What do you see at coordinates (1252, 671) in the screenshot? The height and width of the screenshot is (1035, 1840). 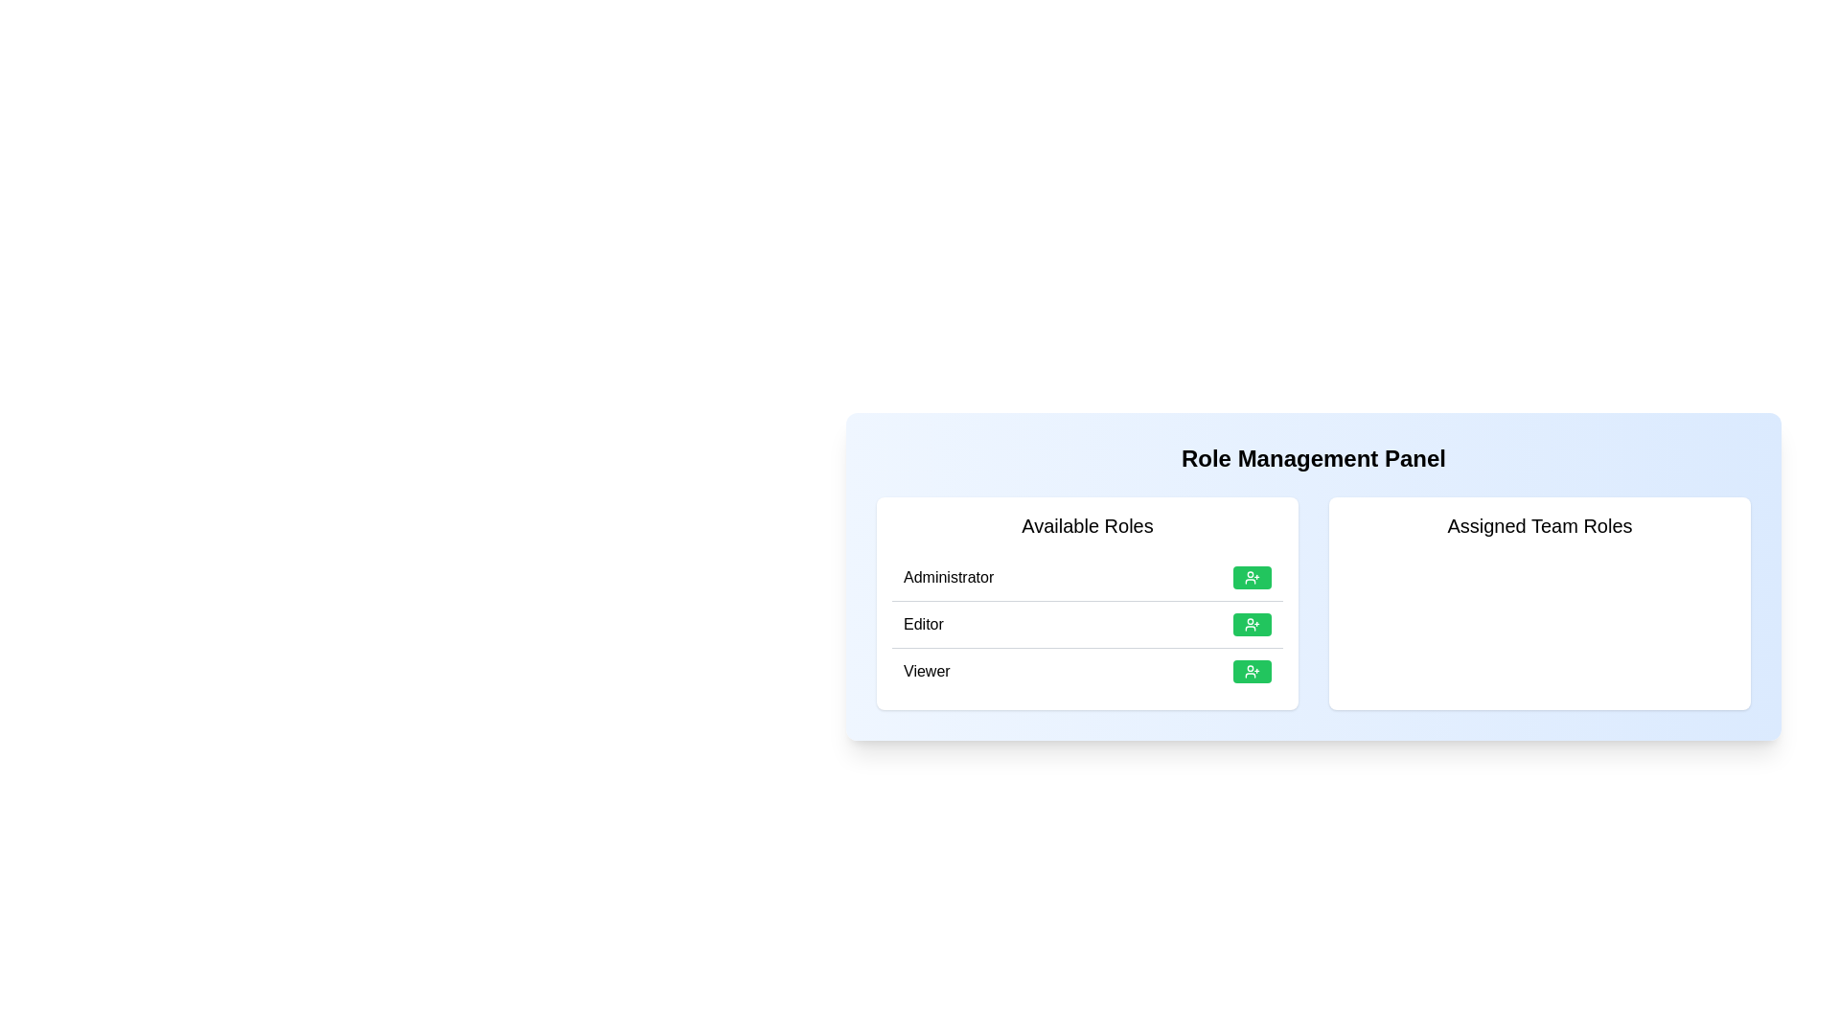 I see `green button next to the role 'Viewer' in the 'Available Roles' section to assign it to the team` at bounding box center [1252, 671].